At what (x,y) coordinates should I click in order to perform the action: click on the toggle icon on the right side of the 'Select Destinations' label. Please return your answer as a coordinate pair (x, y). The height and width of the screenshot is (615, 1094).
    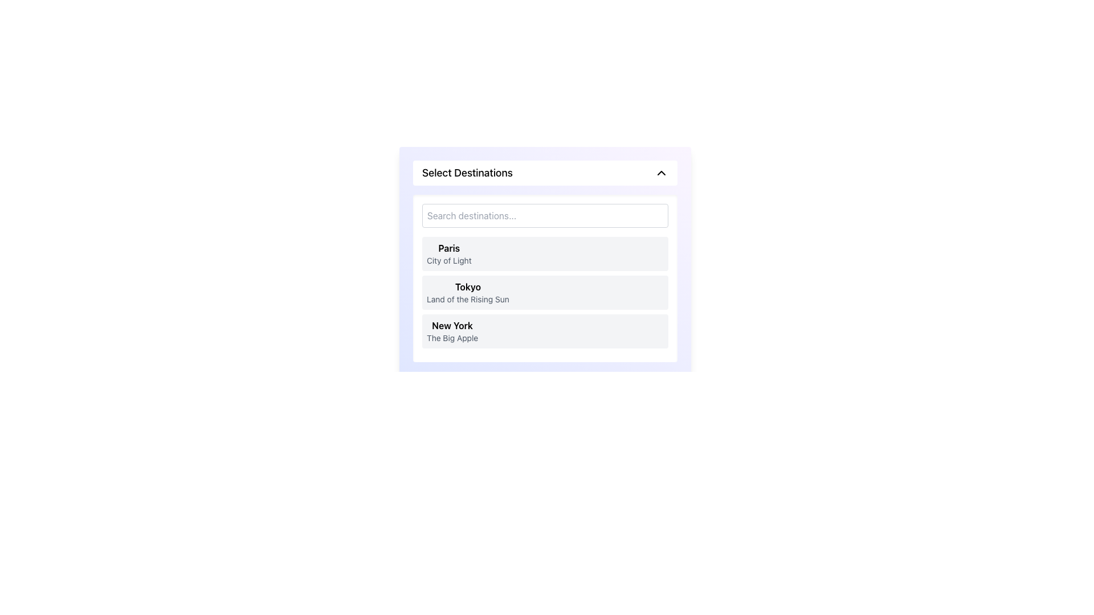
    Looking at the image, I should click on (662, 173).